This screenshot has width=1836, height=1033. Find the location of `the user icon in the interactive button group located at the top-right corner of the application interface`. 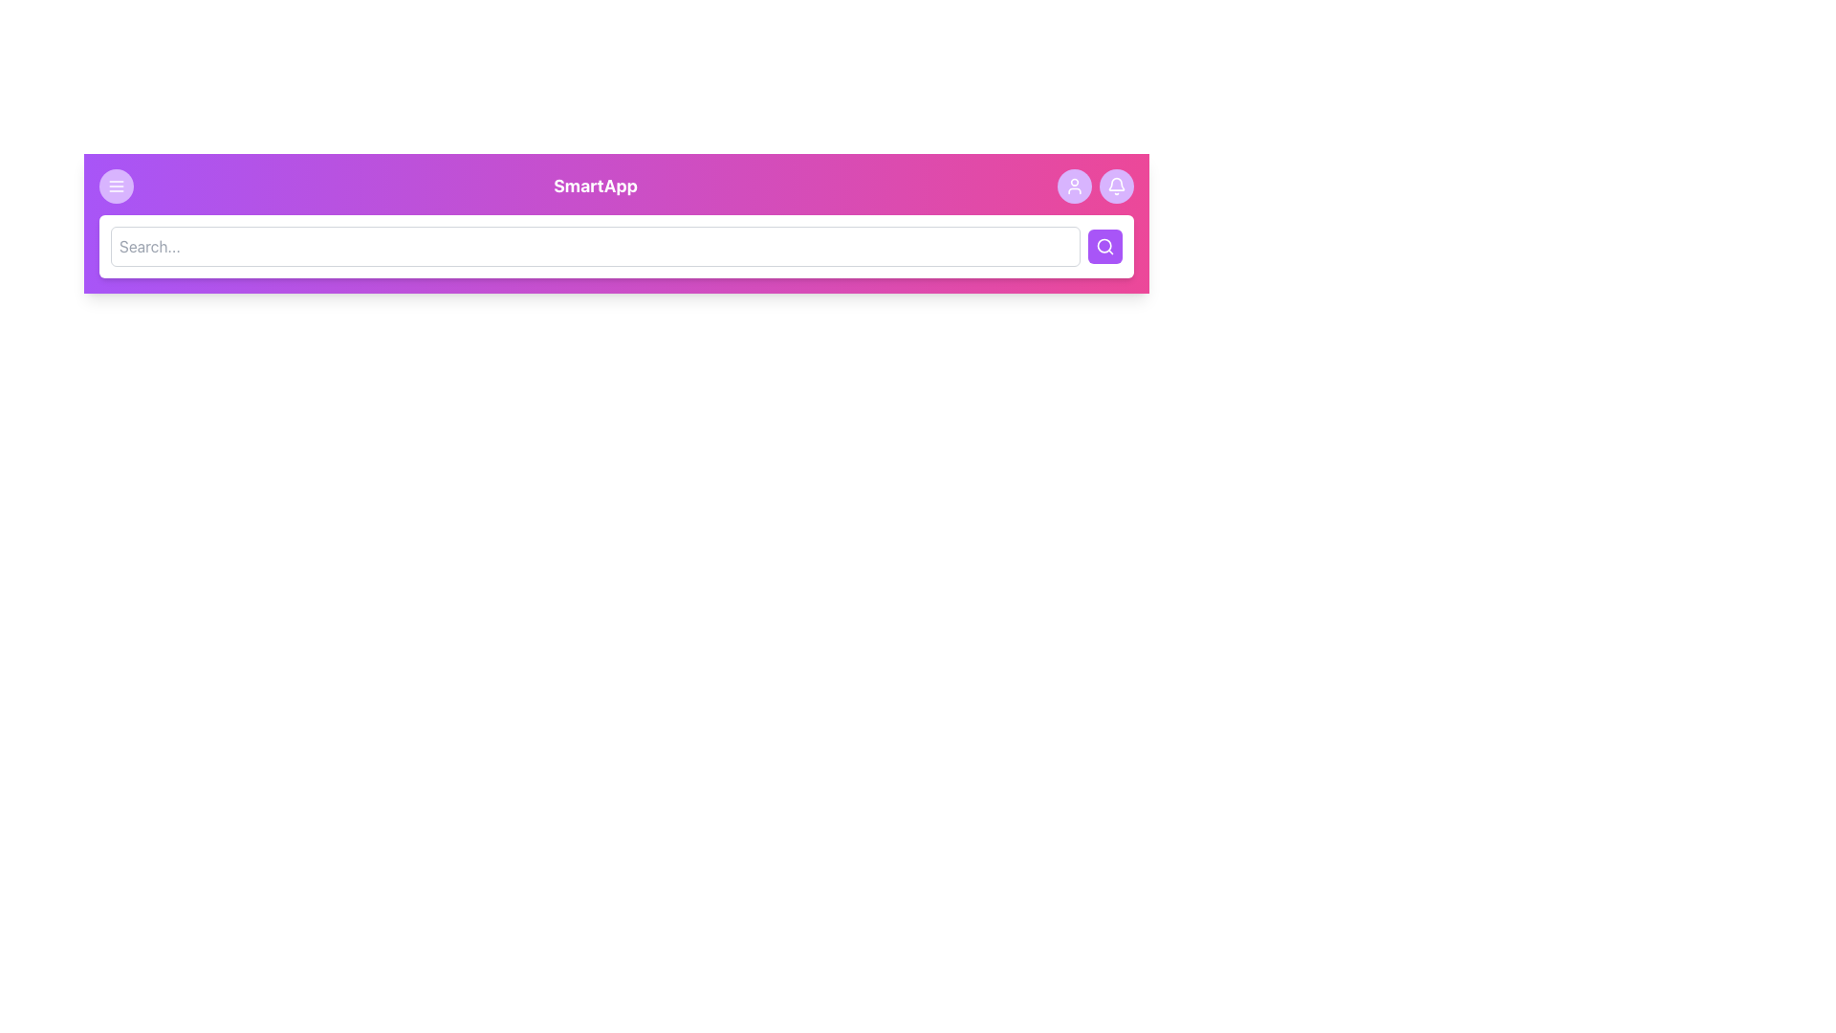

the user icon in the interactive button group located at the top-right corner of the application interface is located at coordinates (1096, 187).